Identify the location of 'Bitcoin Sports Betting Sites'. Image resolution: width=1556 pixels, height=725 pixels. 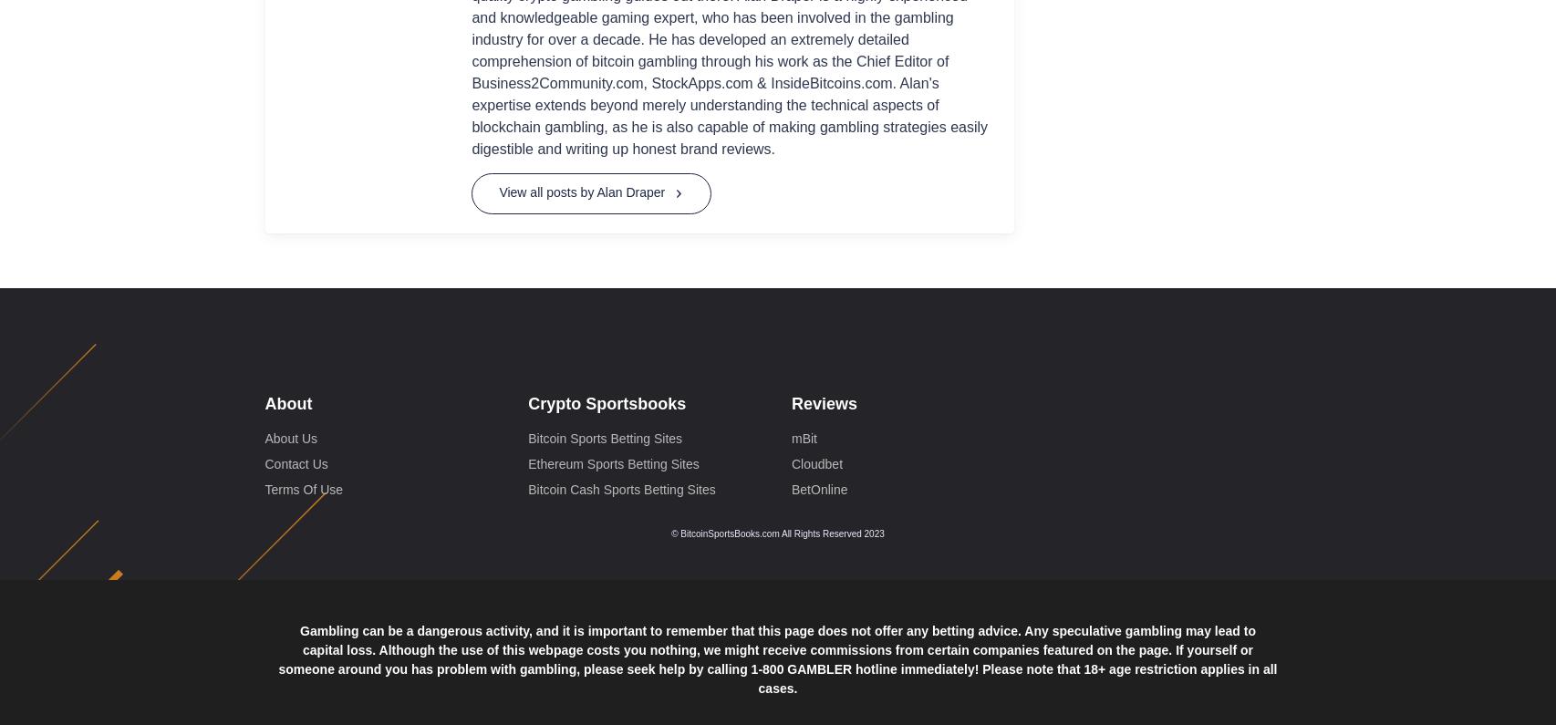
(604, 102).